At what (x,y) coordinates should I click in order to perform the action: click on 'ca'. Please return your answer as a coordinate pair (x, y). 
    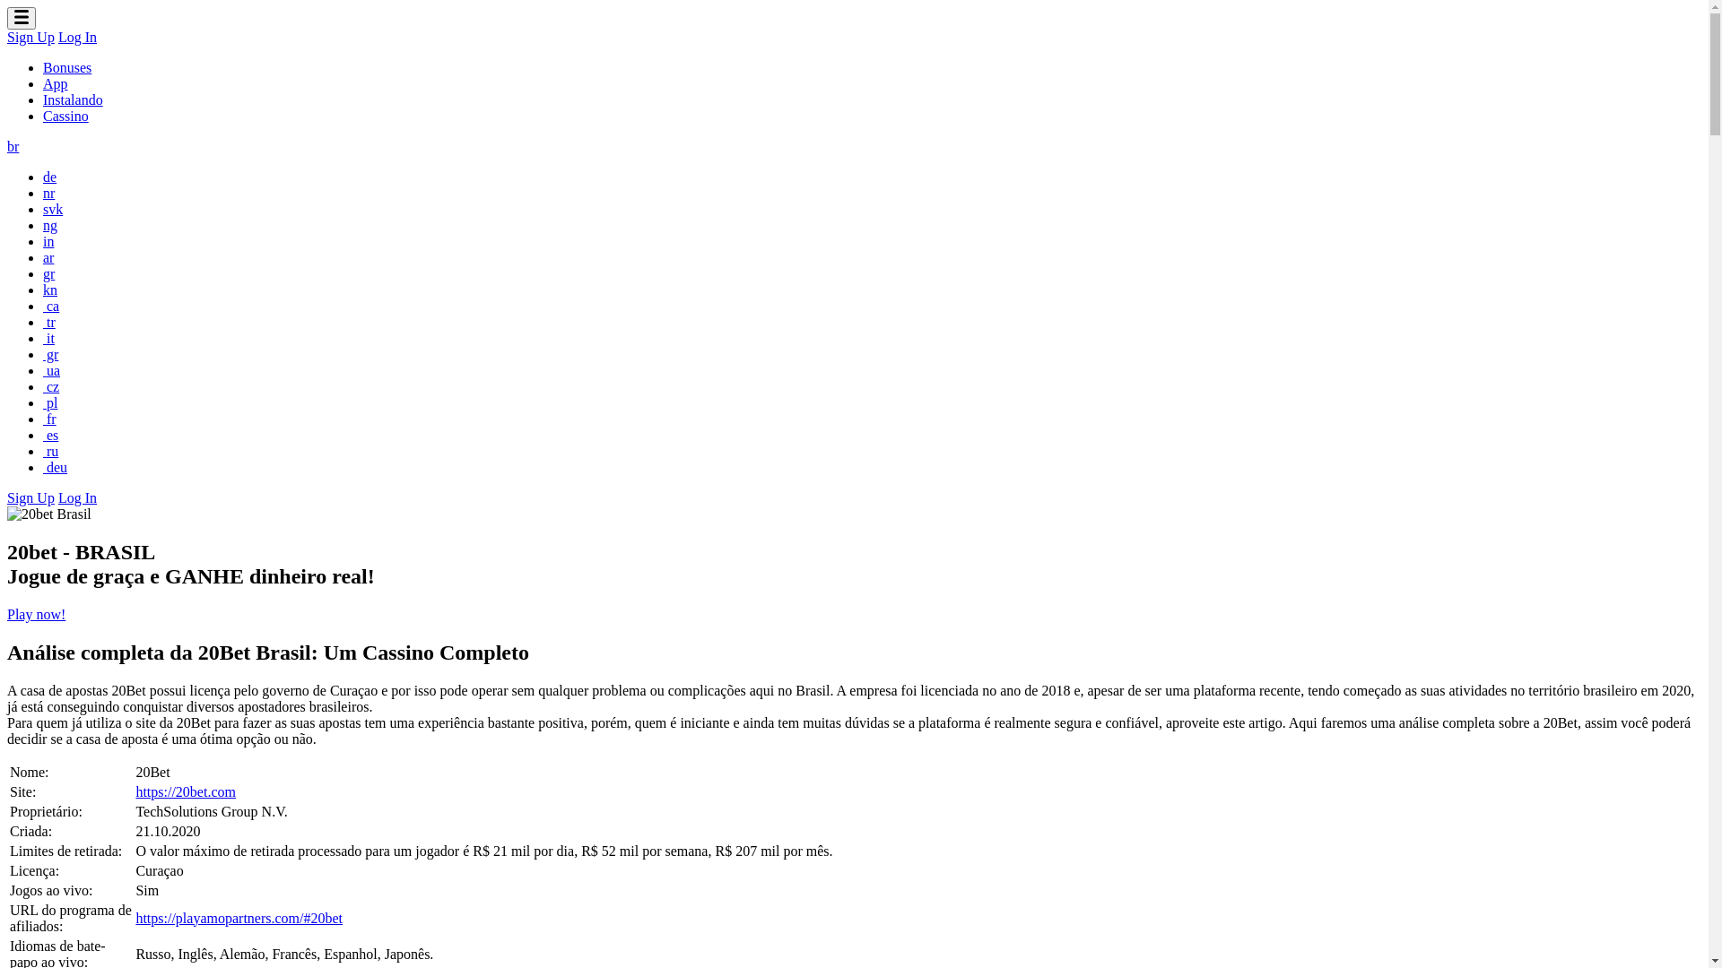
    Looking at the image, I should click on (51, 305).